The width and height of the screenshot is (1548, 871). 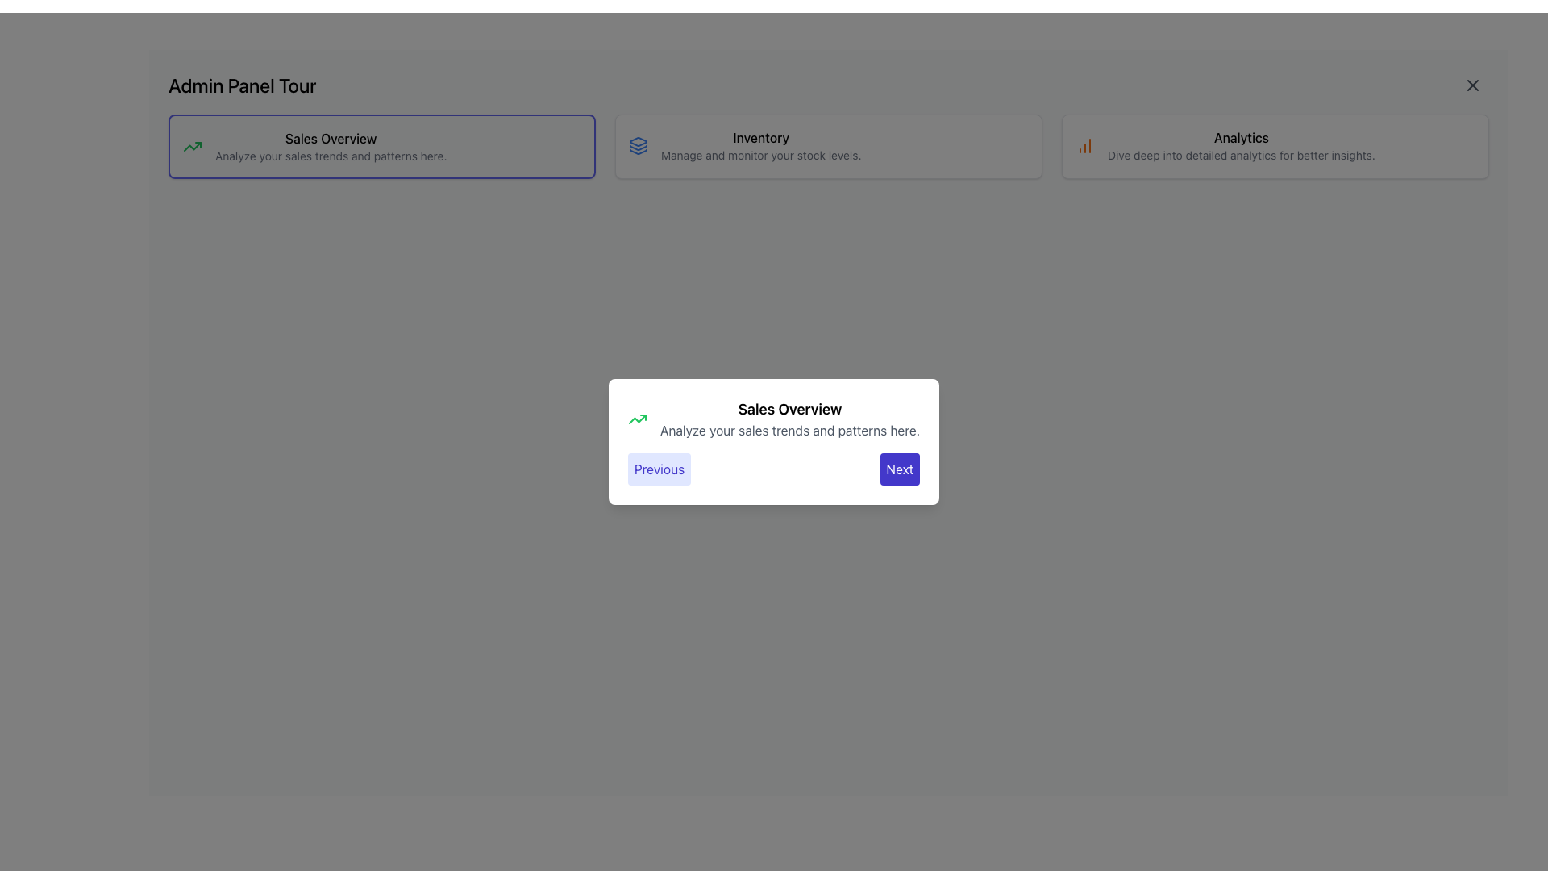 I want to click on the Informational Card located in the top right corner of the grid layout, positioned after 'Sales Overview' and 'Inventory', so click(x=1275, y=146).